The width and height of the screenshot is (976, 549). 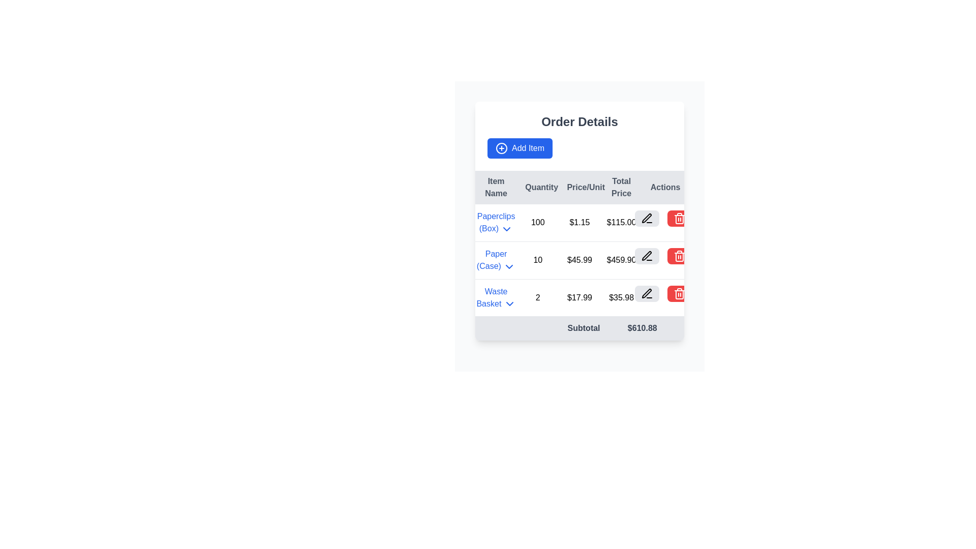 What do you see at coordinates (646, 293) in the screenshot?
I see `the button with a pen icon in the 'Actions' column of the last row for the 'Waste Basket' item` at bounding box center [646, 293].